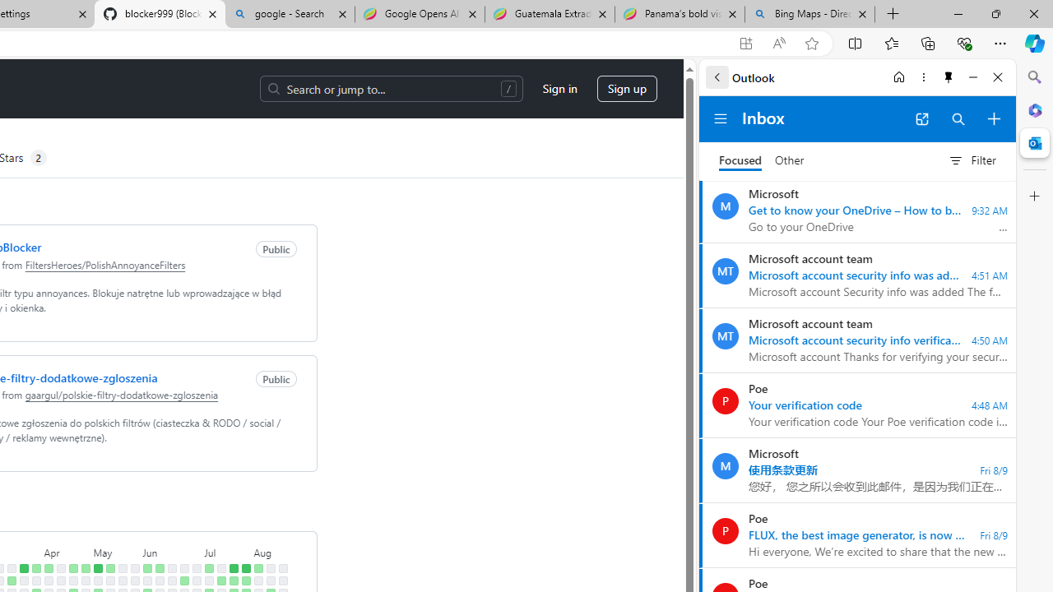  What do you see at coordinates (972, 160) in the screenshot?
I see `'Filter'` at bounding box center [972, 160].